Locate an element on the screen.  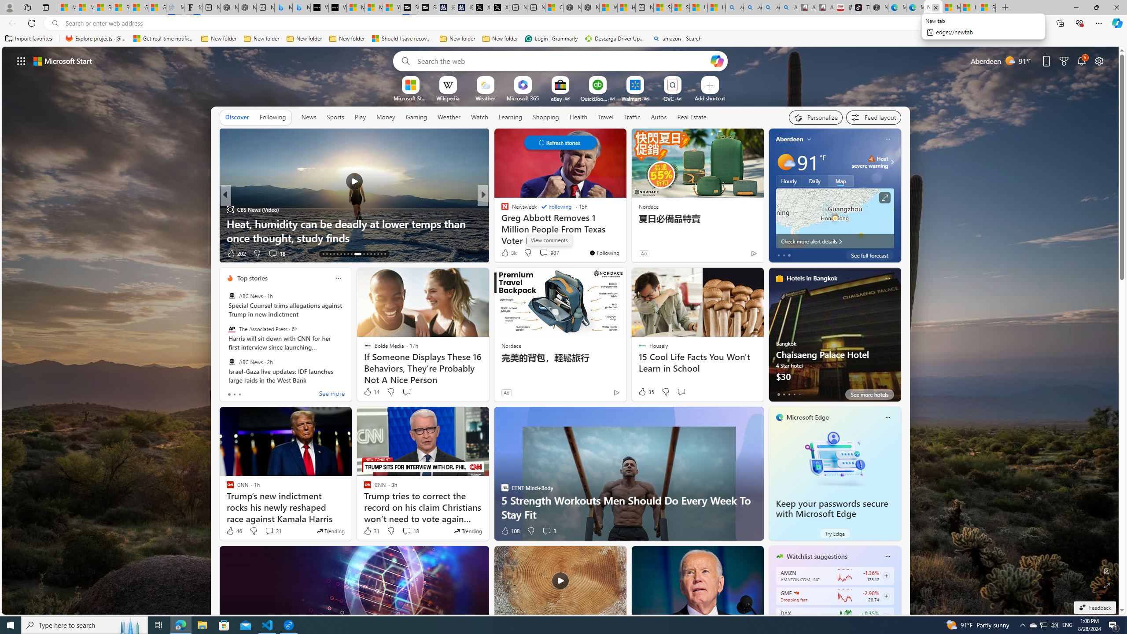
'View comments 1 Comment' is located at coordinates (544, 253).